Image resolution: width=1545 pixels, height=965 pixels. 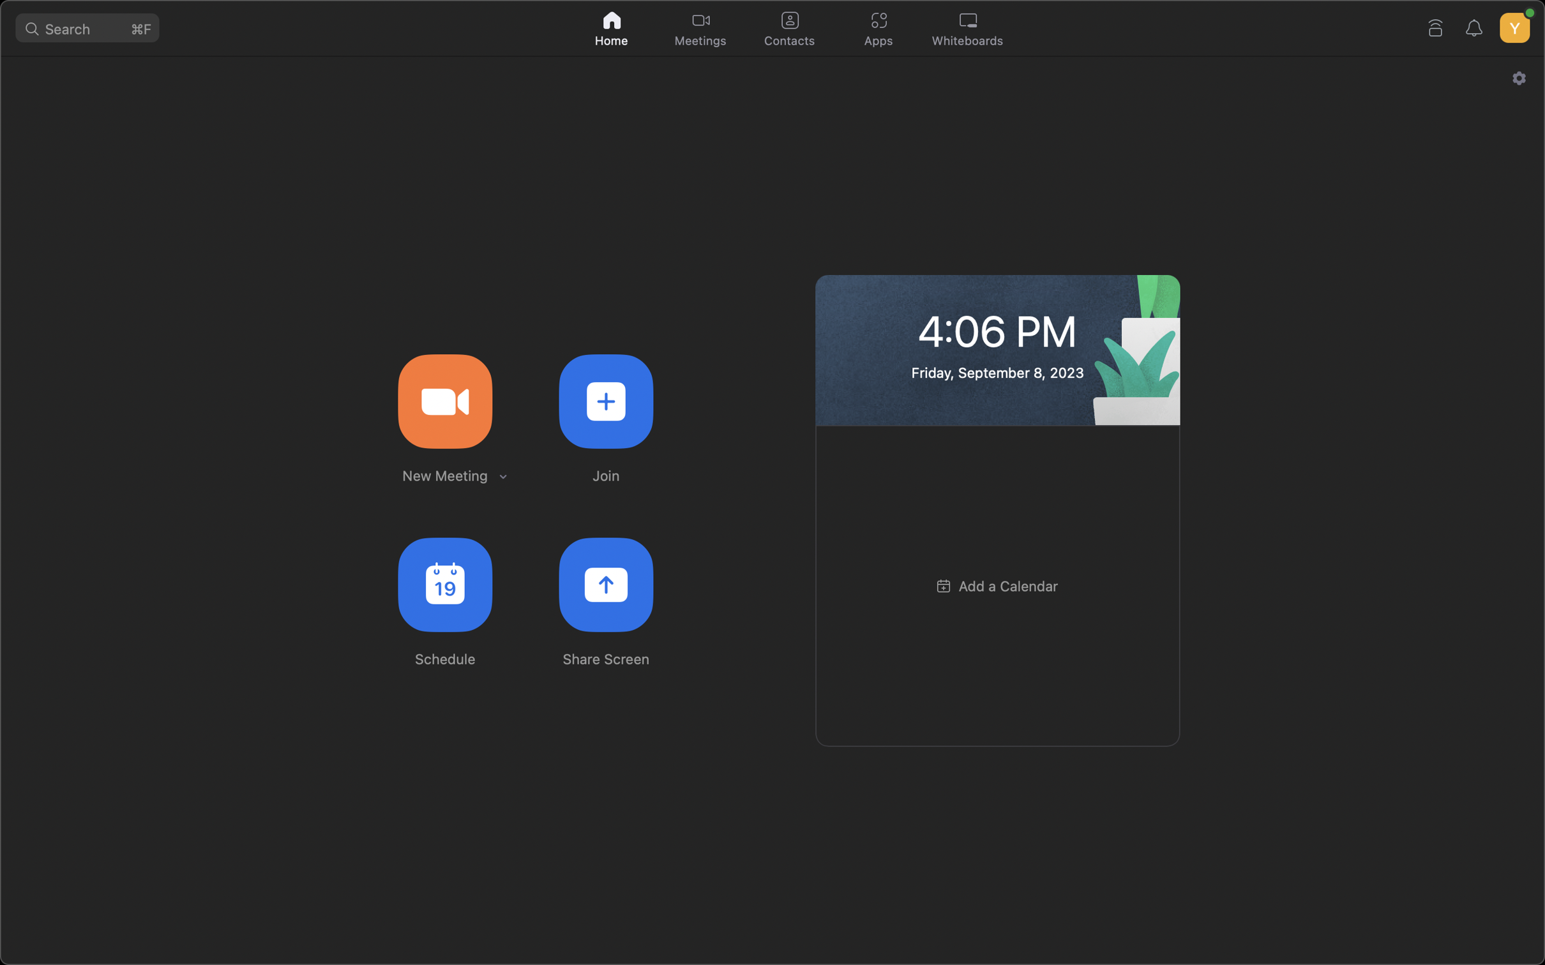 I want to click on the whiteboard options, so click(x=970, y=29).